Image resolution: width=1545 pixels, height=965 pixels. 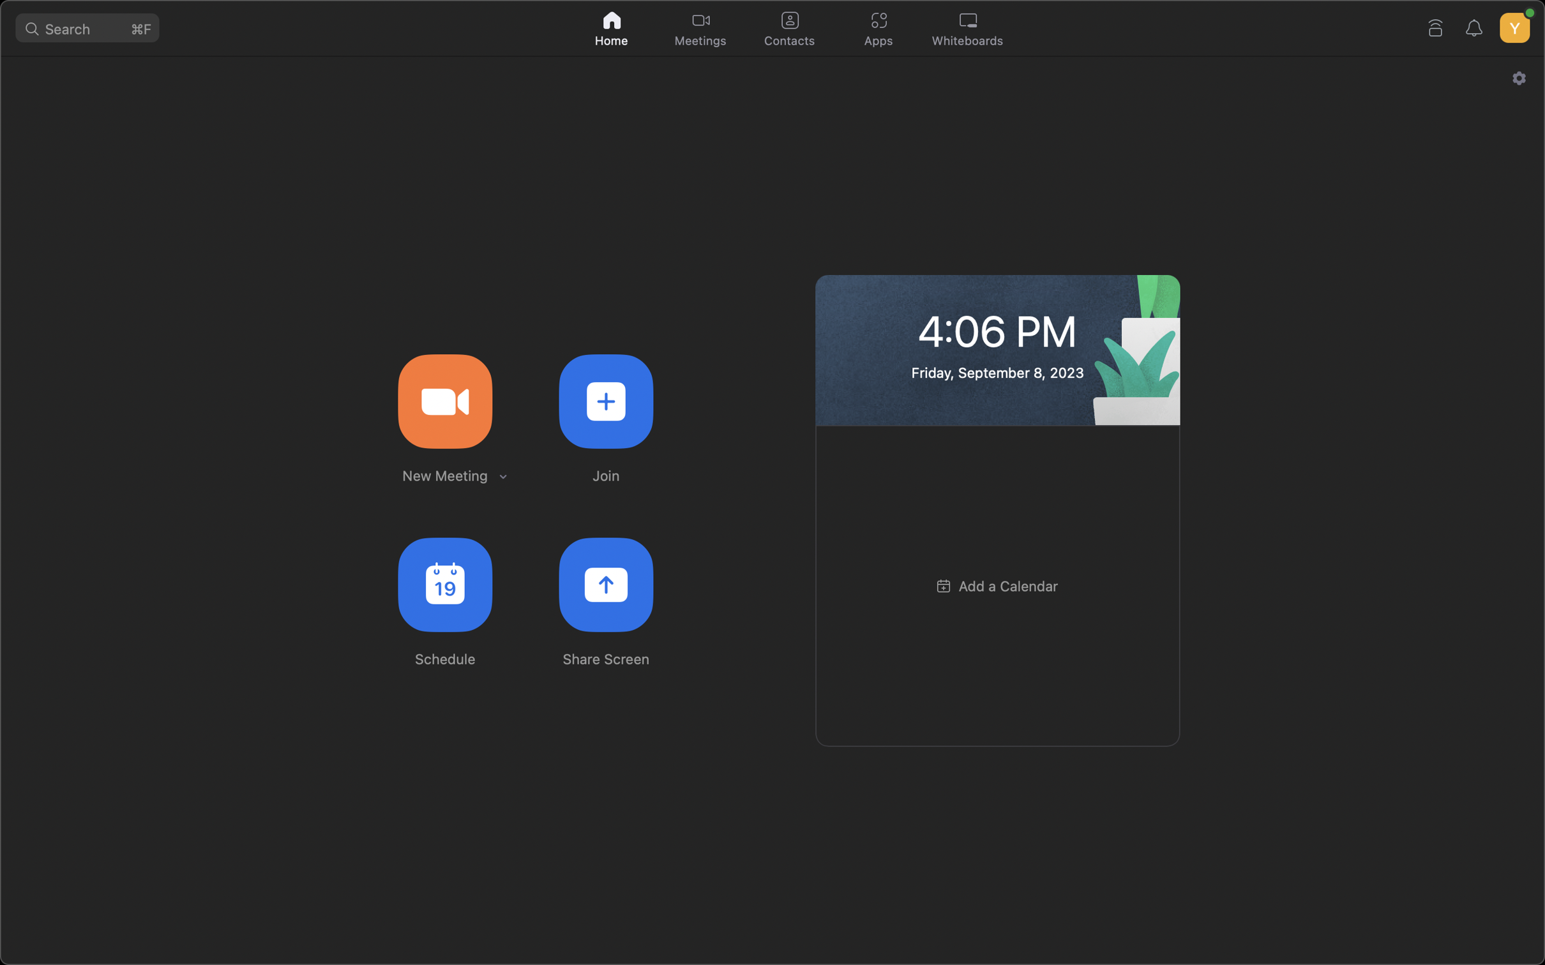 I want to click on the whiteboard options, so click(x=970, y=29).